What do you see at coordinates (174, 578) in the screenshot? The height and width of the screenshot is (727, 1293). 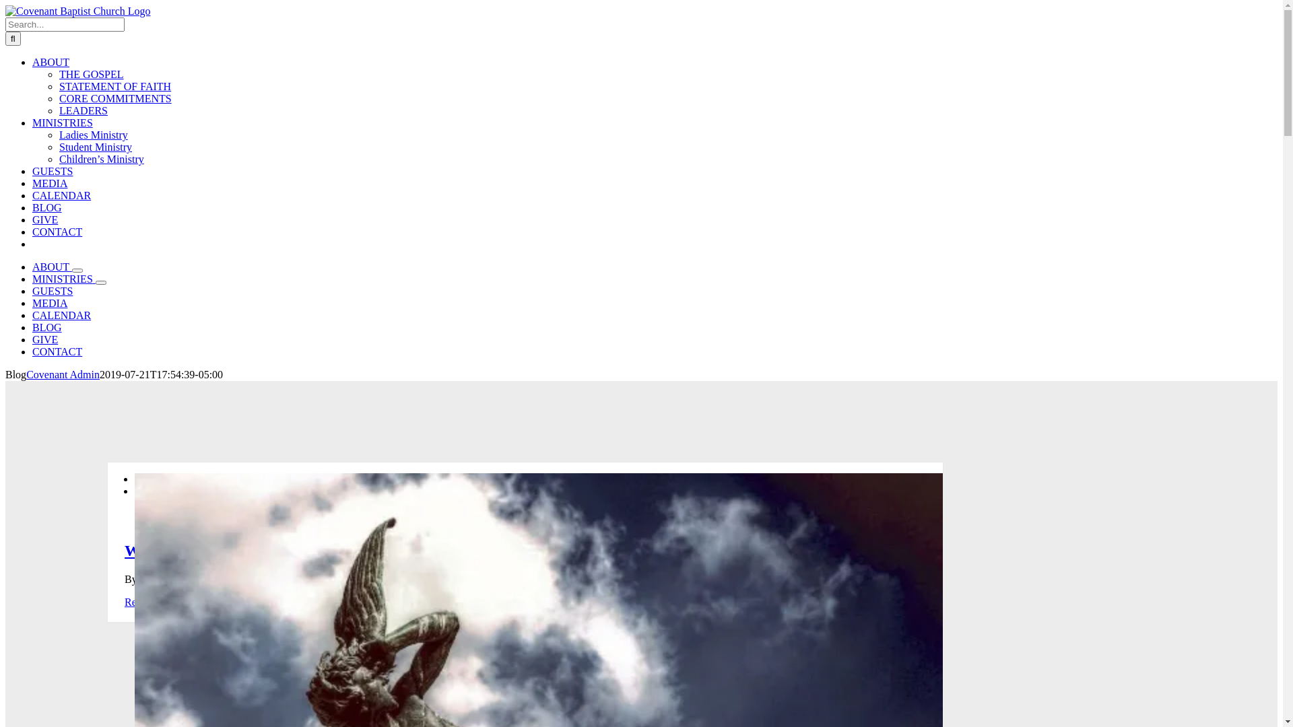 I see `'Chris Trousdale'` at bounding box center [174, 578].